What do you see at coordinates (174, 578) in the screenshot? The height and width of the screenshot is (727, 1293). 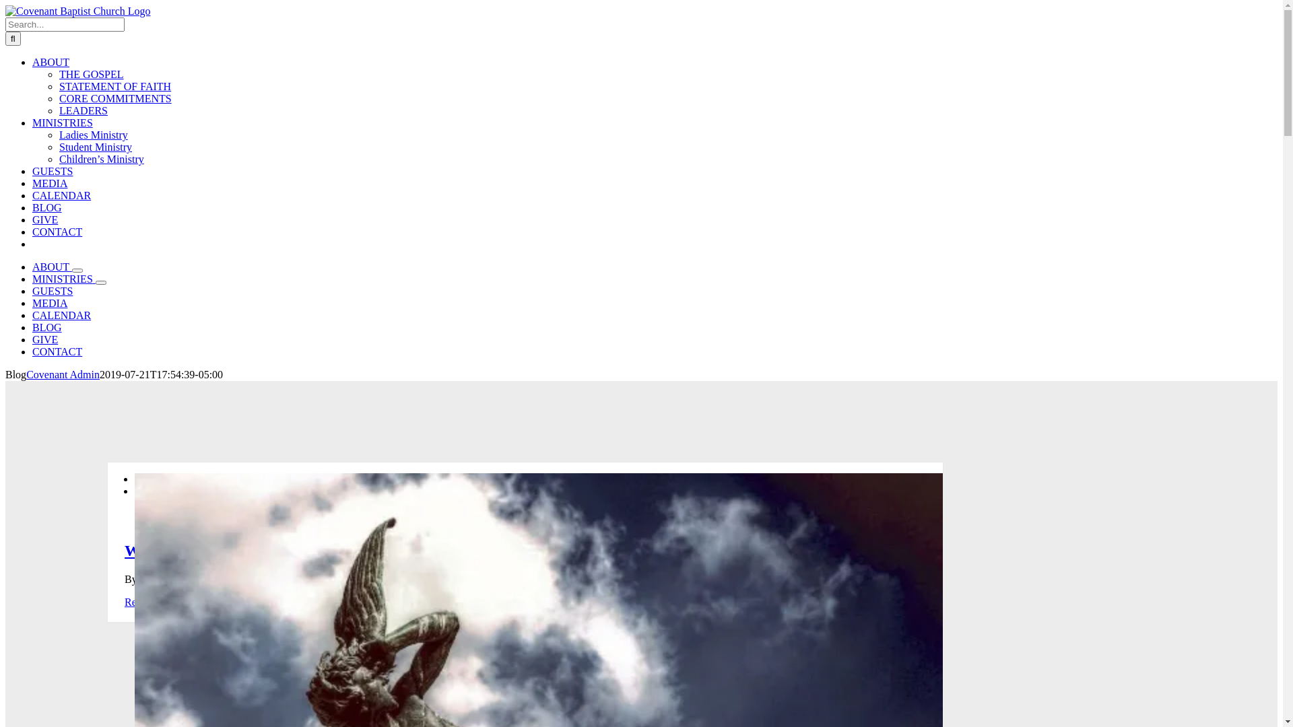 I see `'Chris Trousdale'` at bounding box center [174, 578].